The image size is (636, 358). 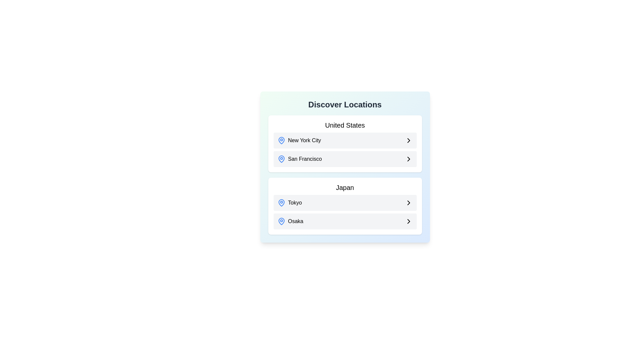 What do you see at coordinates (281, 221) in the screenshot?
I see `the map pin icon located next to the text 'Tokyo' in the second section labeled 'Japan', which serves as a visual cue for the location` at bounding box center [281, 221].